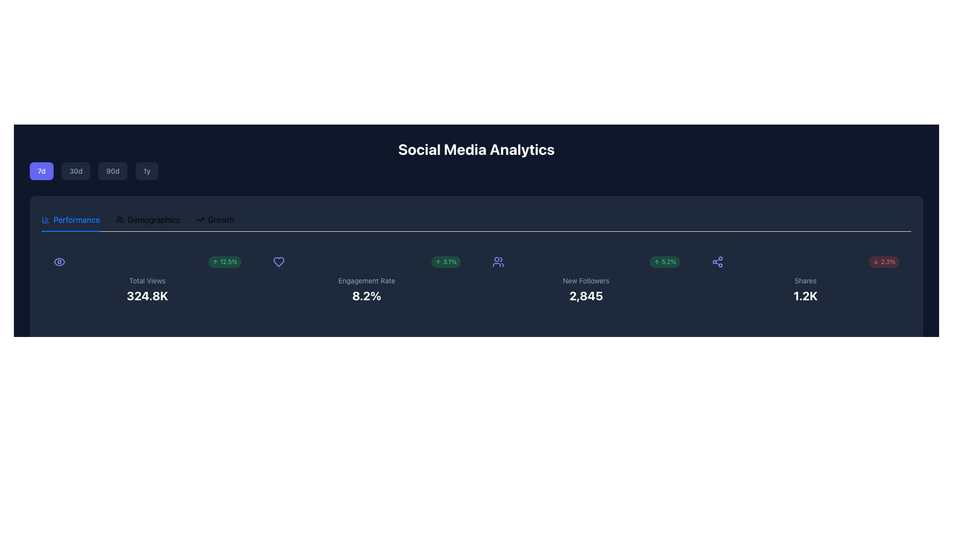  I want to click on the 'Shares' label displayed in light gray on a dark background, which is positioned under the shares icon and above the numerical value of 1.2K, so click(805, 281).